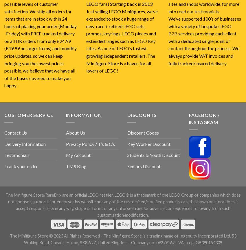 The width and height of the screenshot is (246, 250). Describe the element at coordinates (142, 114) in the screenshot. I see `'Discounts'` at that location.